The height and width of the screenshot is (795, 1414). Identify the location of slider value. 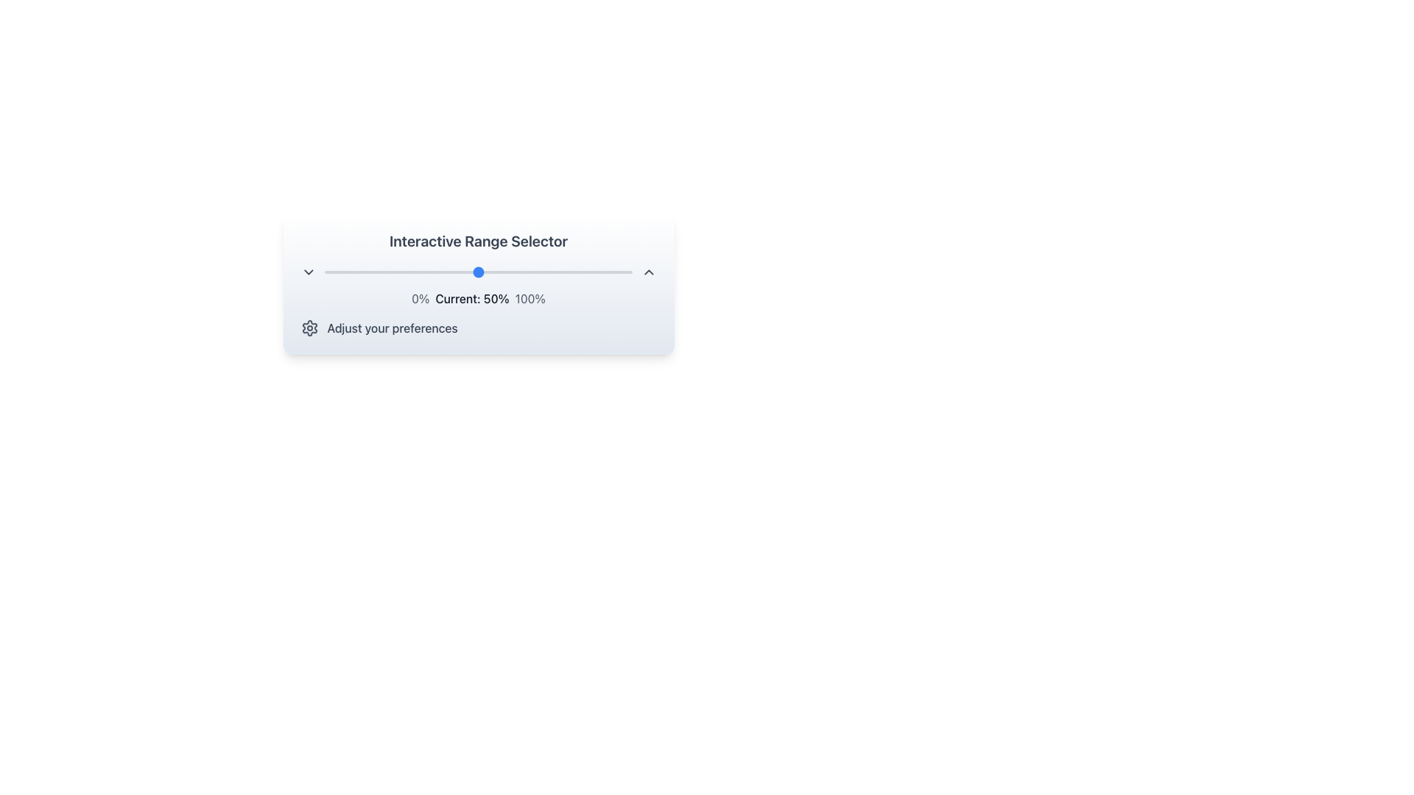
(411, 272).